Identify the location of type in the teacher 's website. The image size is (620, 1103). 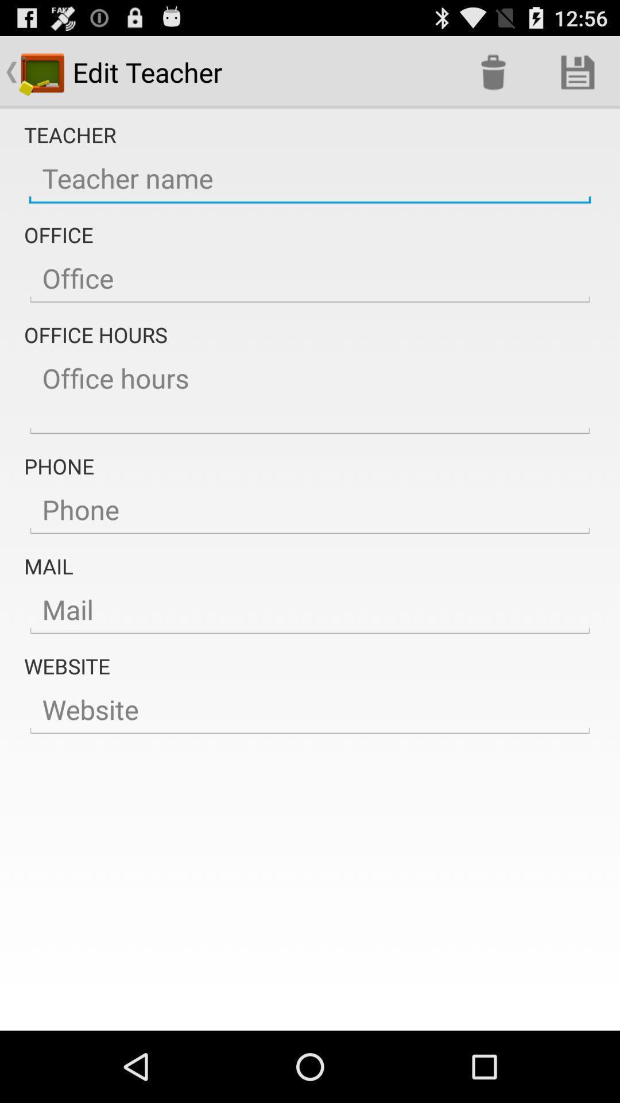
(310, 709).